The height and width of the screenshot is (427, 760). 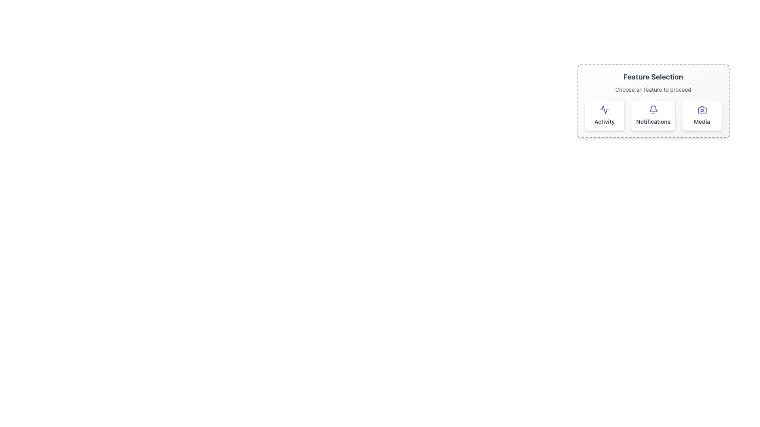 I want to click on the bell-shaped notifications icon located in the 'Feature Selection' panel, so click(x=653, y=109).